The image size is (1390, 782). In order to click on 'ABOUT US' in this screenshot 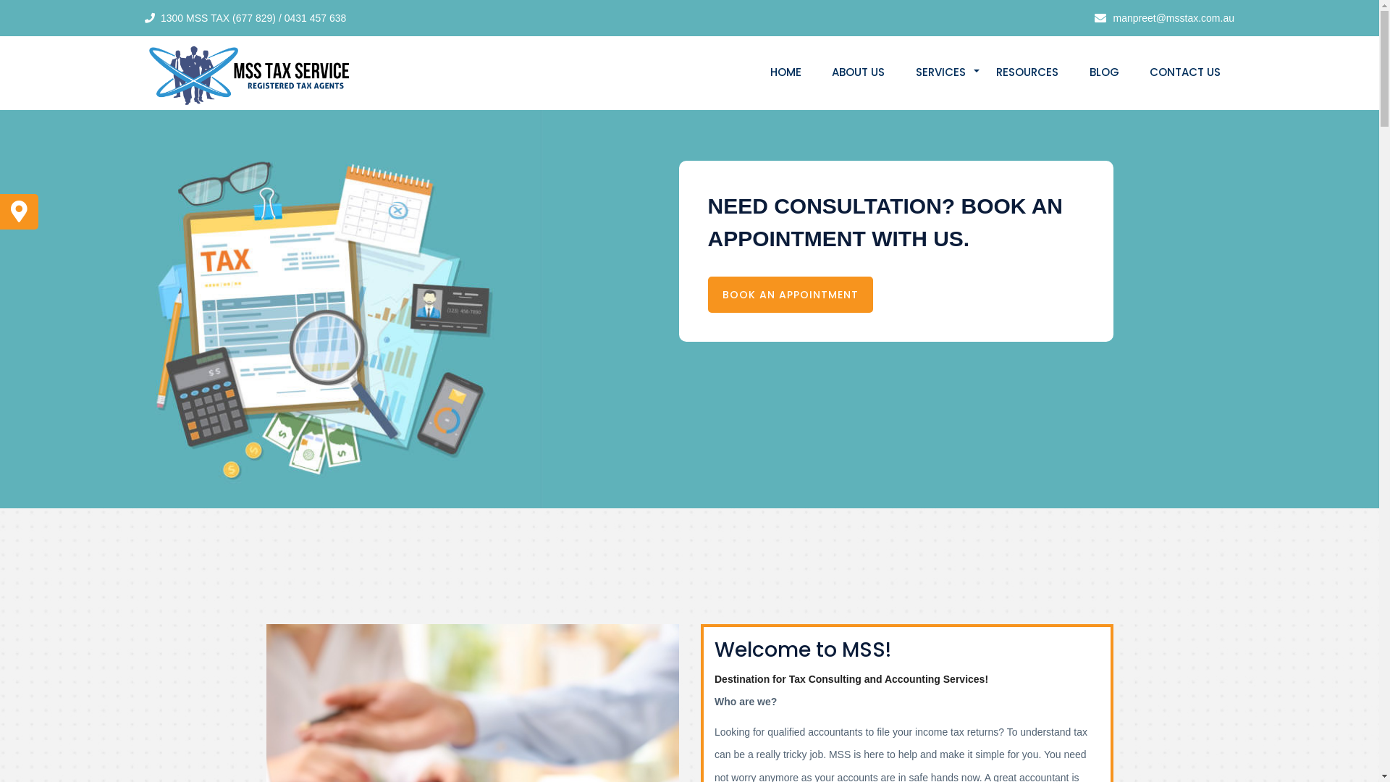, I will do `click(858, 72)`.